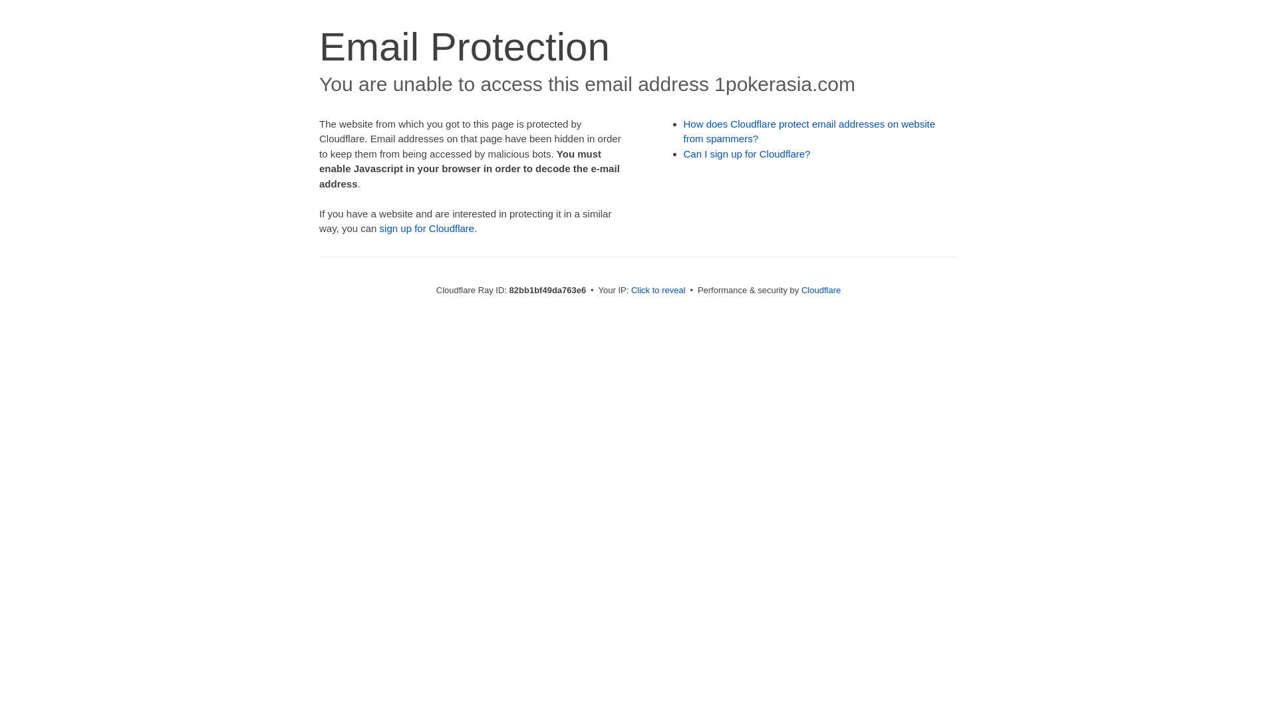 The width and height of the screenshot is (1277, 718). Describe the element at coordinates (379, 227) in the screenshot. I see `'sign up for Cloudflare'` at that location.